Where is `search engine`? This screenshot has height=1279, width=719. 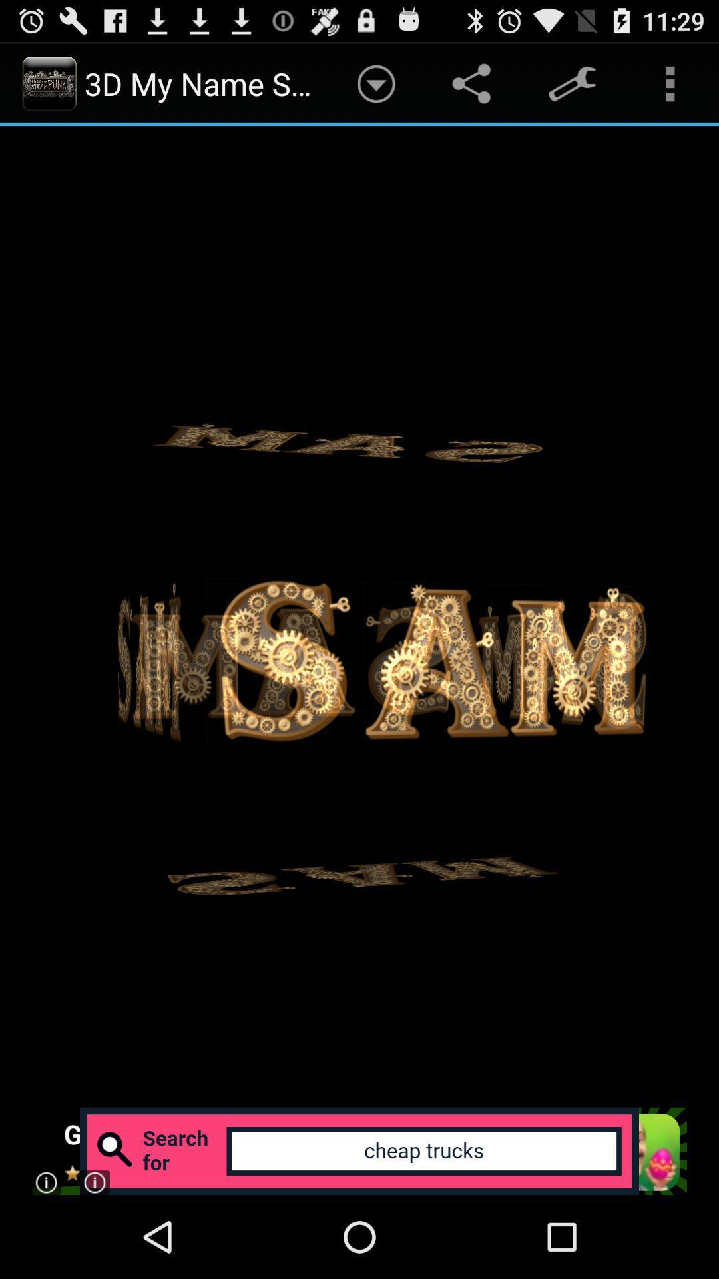 search engine is located at coordinates (358, 1150).